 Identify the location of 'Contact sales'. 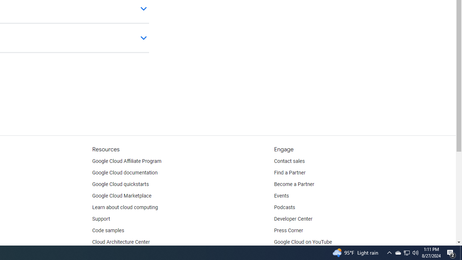
(289, 161).